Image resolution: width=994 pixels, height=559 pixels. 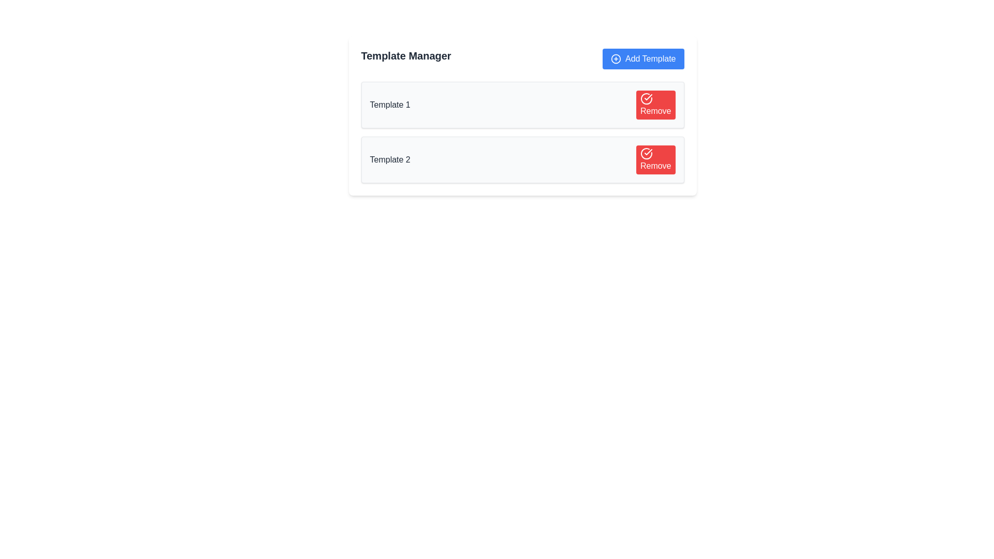 I want to click on the 'Add Template' button with a blue background and white text located on the right side of the 'Template Manager' header, so click(x=642, y=59).